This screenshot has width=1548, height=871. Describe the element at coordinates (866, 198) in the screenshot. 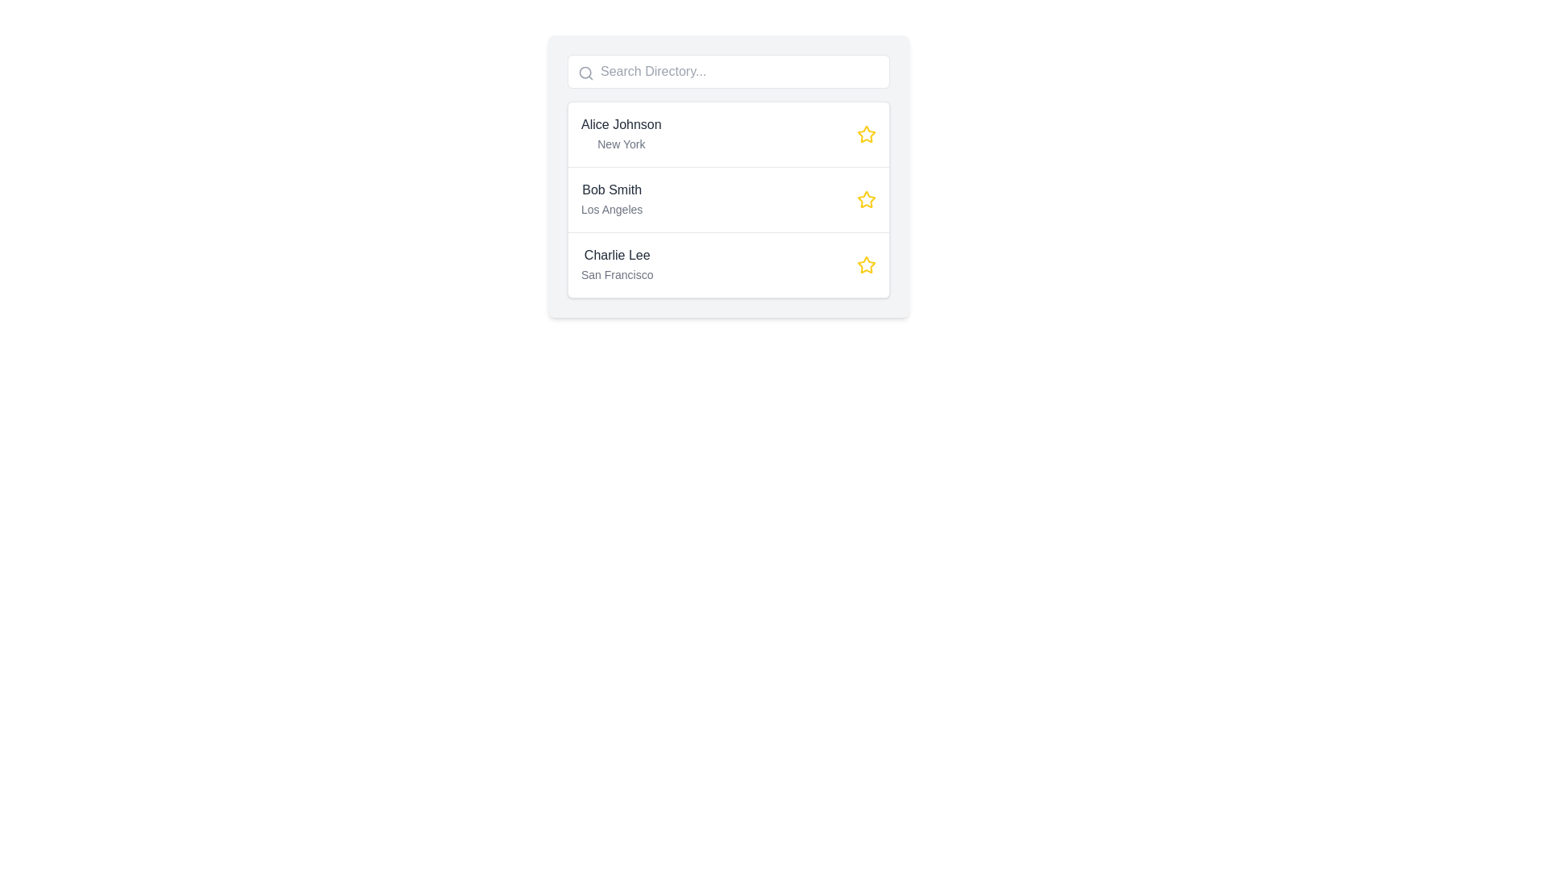

I see `the star-shaped icon button with a yellow fill located at the far-right end of the entry for 'Bob Smith - Los Angeles'` at that location.